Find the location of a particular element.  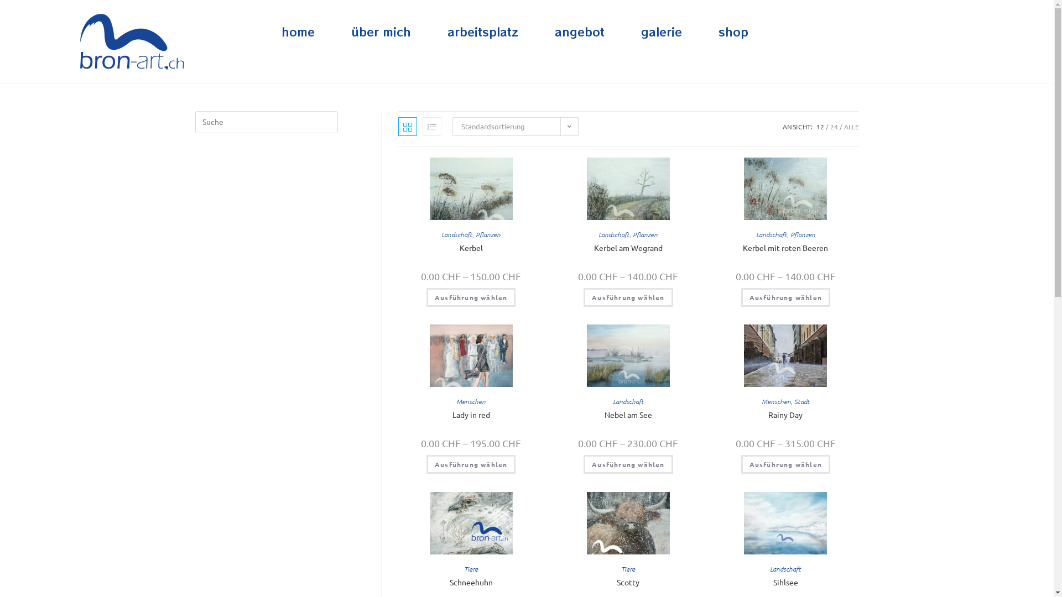

'Pflanzen' is located at coordinates (632, 234).